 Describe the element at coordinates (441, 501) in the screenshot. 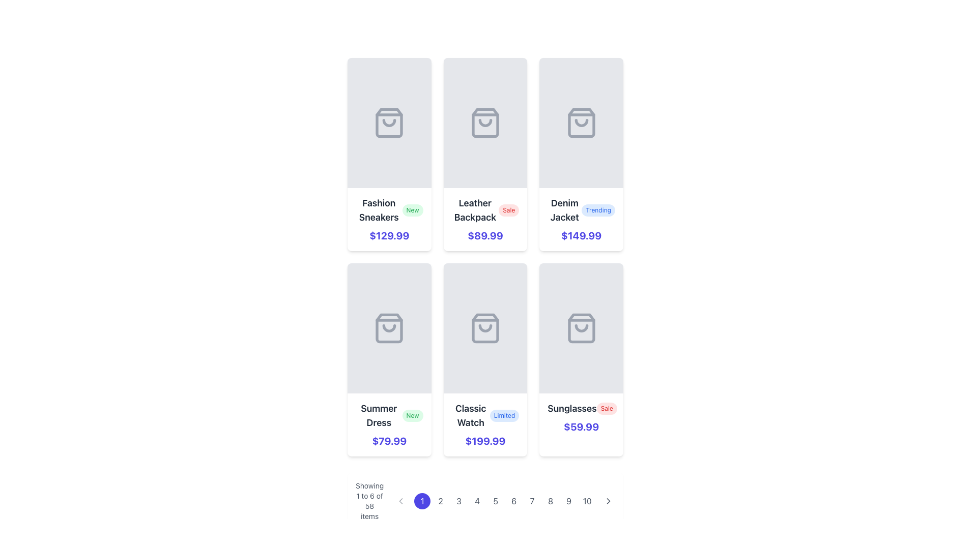

I see `the second navigation button at the bottom center of the interface` at that location.